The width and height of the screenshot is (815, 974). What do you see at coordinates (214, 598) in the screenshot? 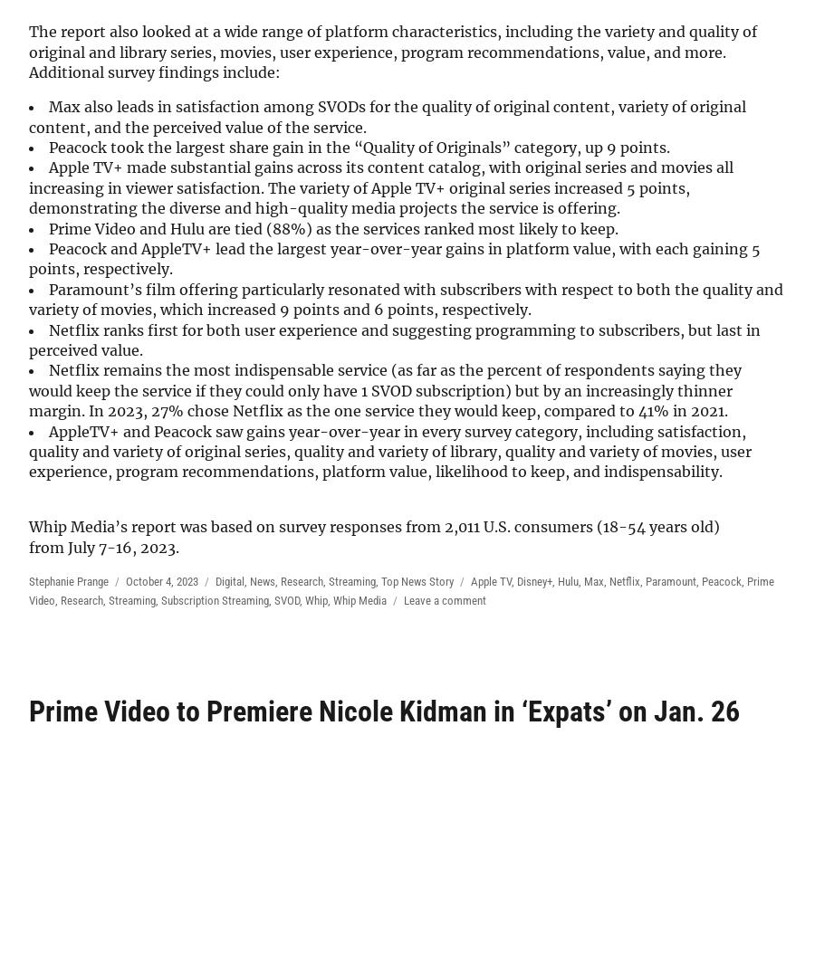
I see `'Subscription Streaming'` at bounding box center [214, 598].